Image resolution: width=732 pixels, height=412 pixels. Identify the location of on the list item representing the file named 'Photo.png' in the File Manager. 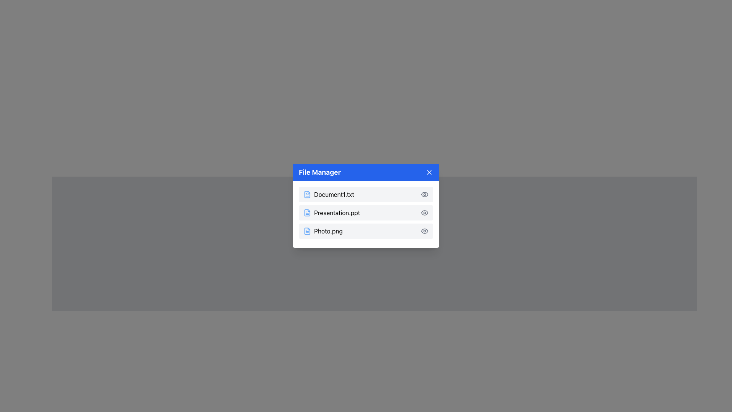
(323, 230).